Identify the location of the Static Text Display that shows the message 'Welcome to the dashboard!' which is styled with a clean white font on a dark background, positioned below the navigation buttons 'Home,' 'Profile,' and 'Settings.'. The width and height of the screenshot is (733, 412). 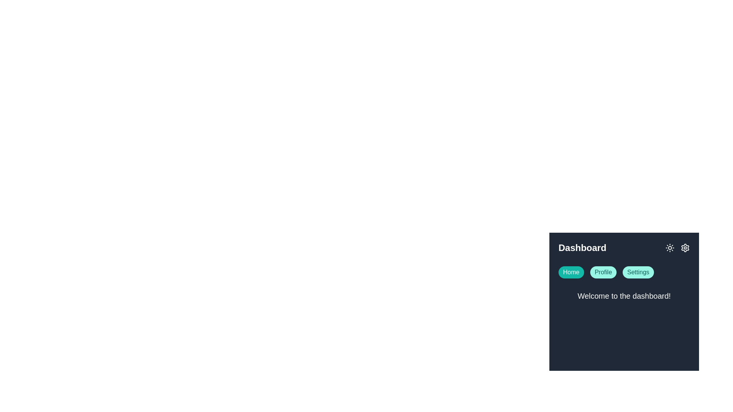
(624, 297).